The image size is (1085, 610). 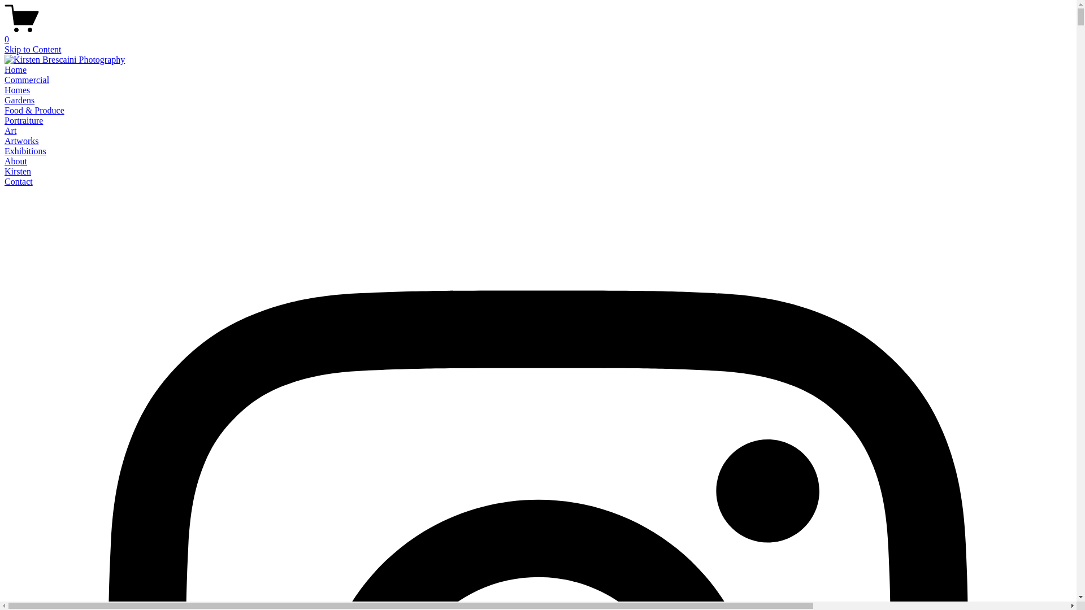 I want to click on 'Portraiture', so click(x=24, y=120).